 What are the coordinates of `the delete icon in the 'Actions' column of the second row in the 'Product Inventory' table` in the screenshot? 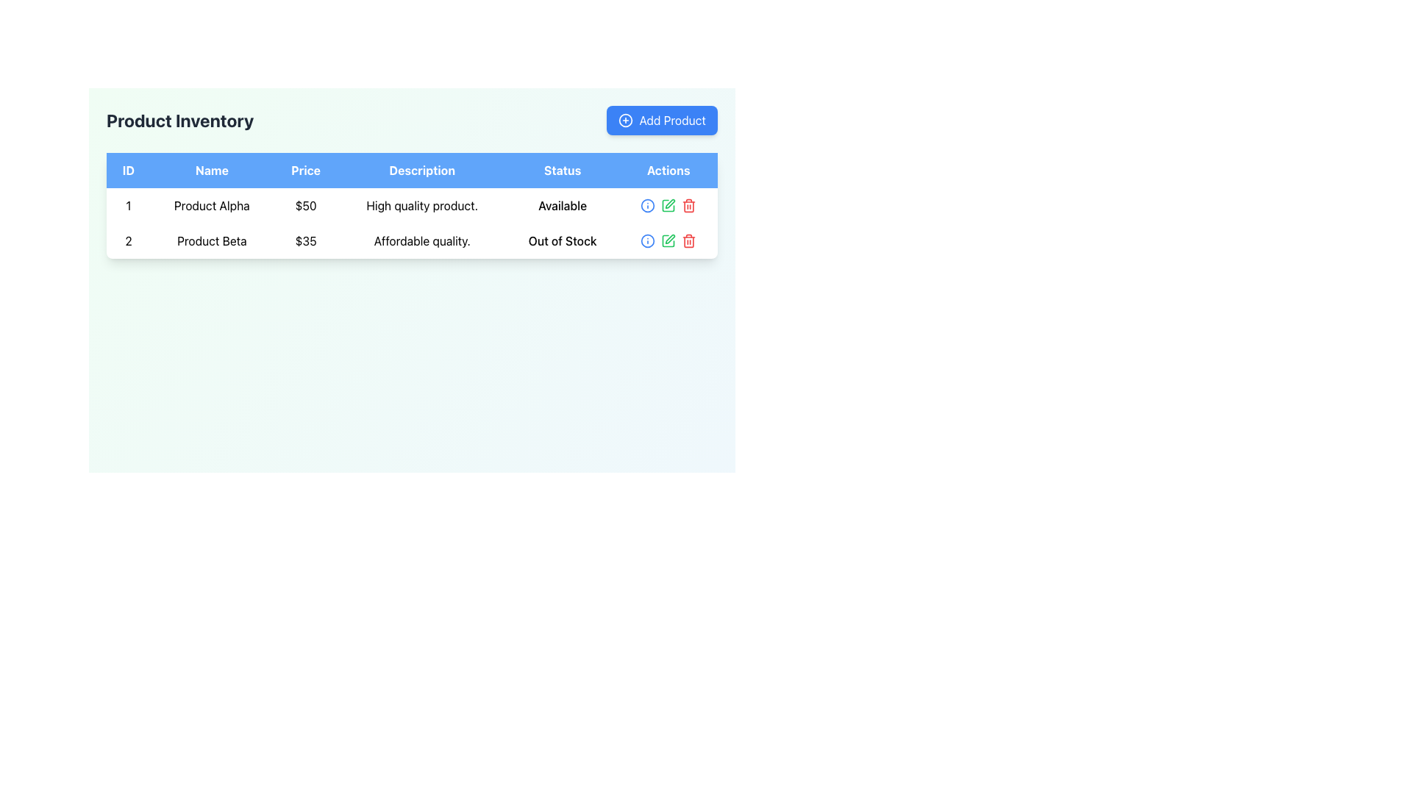 It's located at (688, 240).